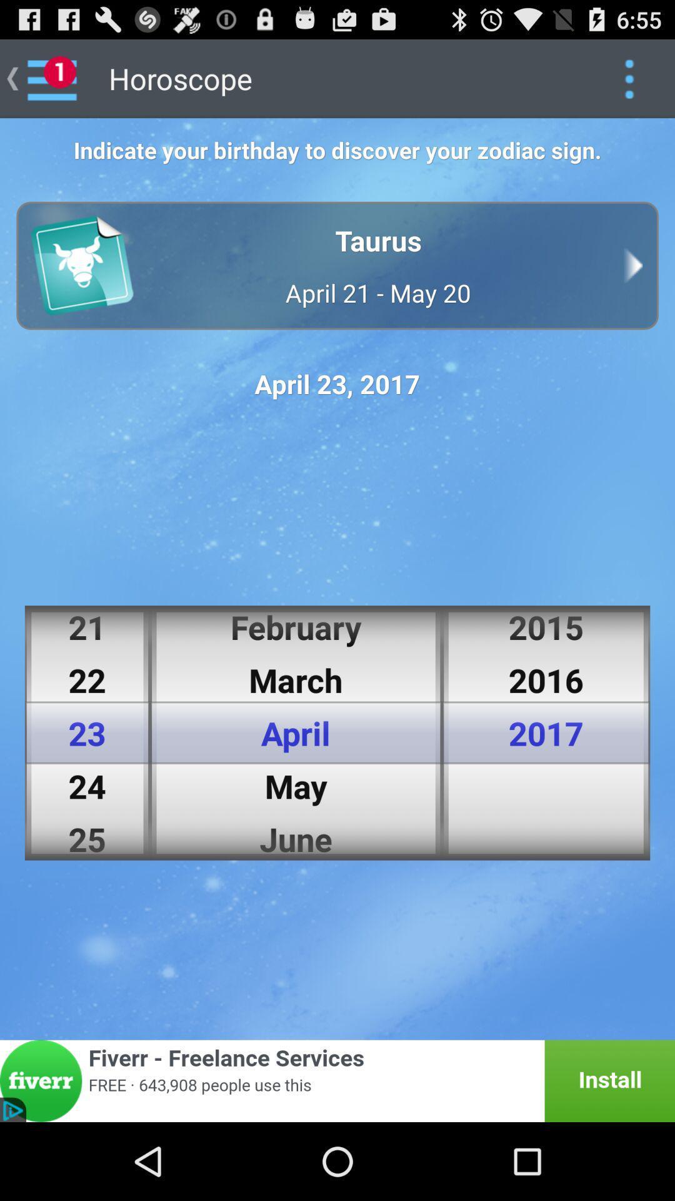 This screenshot has width=675, height=1201. What do you see at coordinates (337, 1080) in the screenshot?
I see `fiverr banner advertisement` at bounding box center [337, 1080].